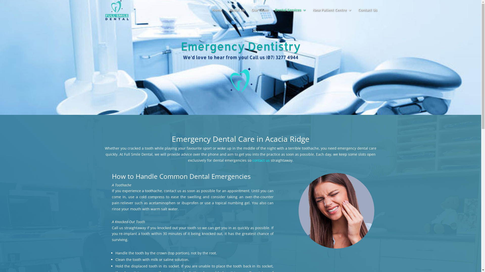 Image resolution: width=485 pixels, height=272 pixels. What do you see at coordinates (236, 14) in the screenshot?
I see `'About Us'` at bounding box center [236, 14].